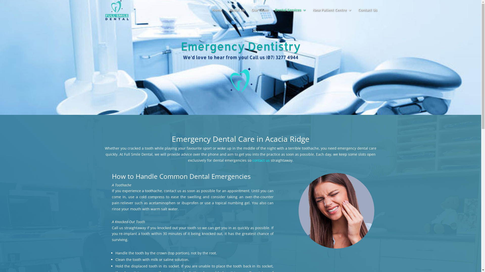 Image resolution: width=485 pixels, height=272 pixels. What do you see at coordinates (236, 14) in the screenshot?
I see `'About Us'` at bounding box center [236, 14].